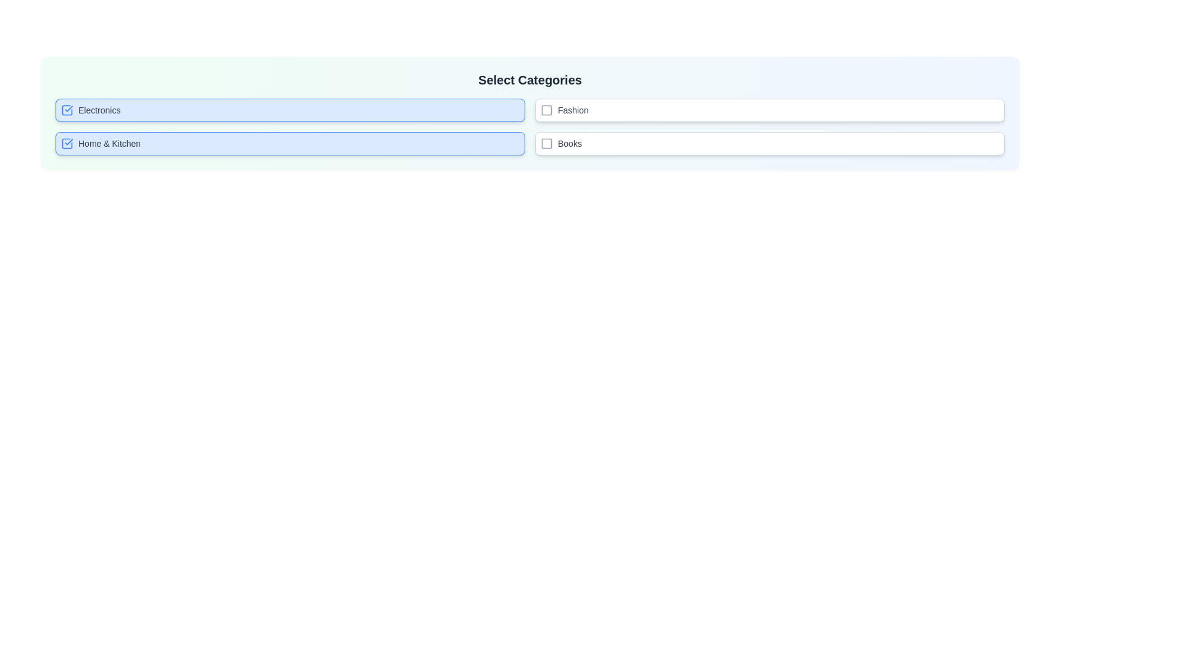 The width and height of the screenshot is (1185, 666). I want to click on keyboard navigation, so click(67, 142).